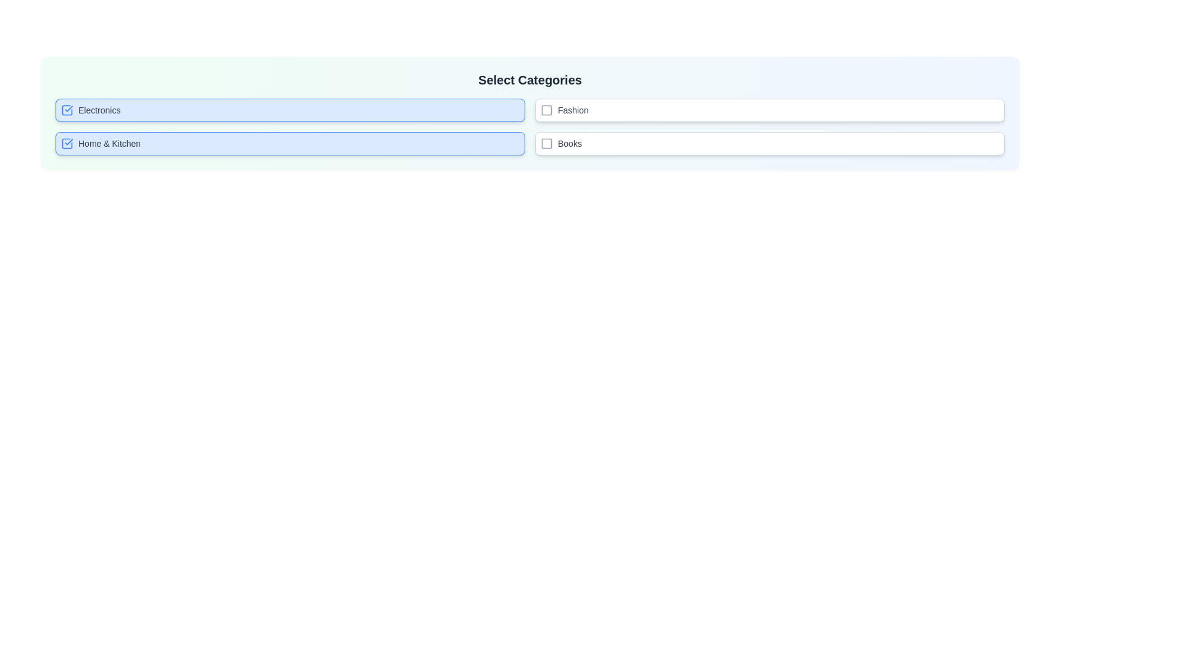 The width and height of the screenshot is (1185, 666). I want to click on keyboard navigation, so click(67, 142).